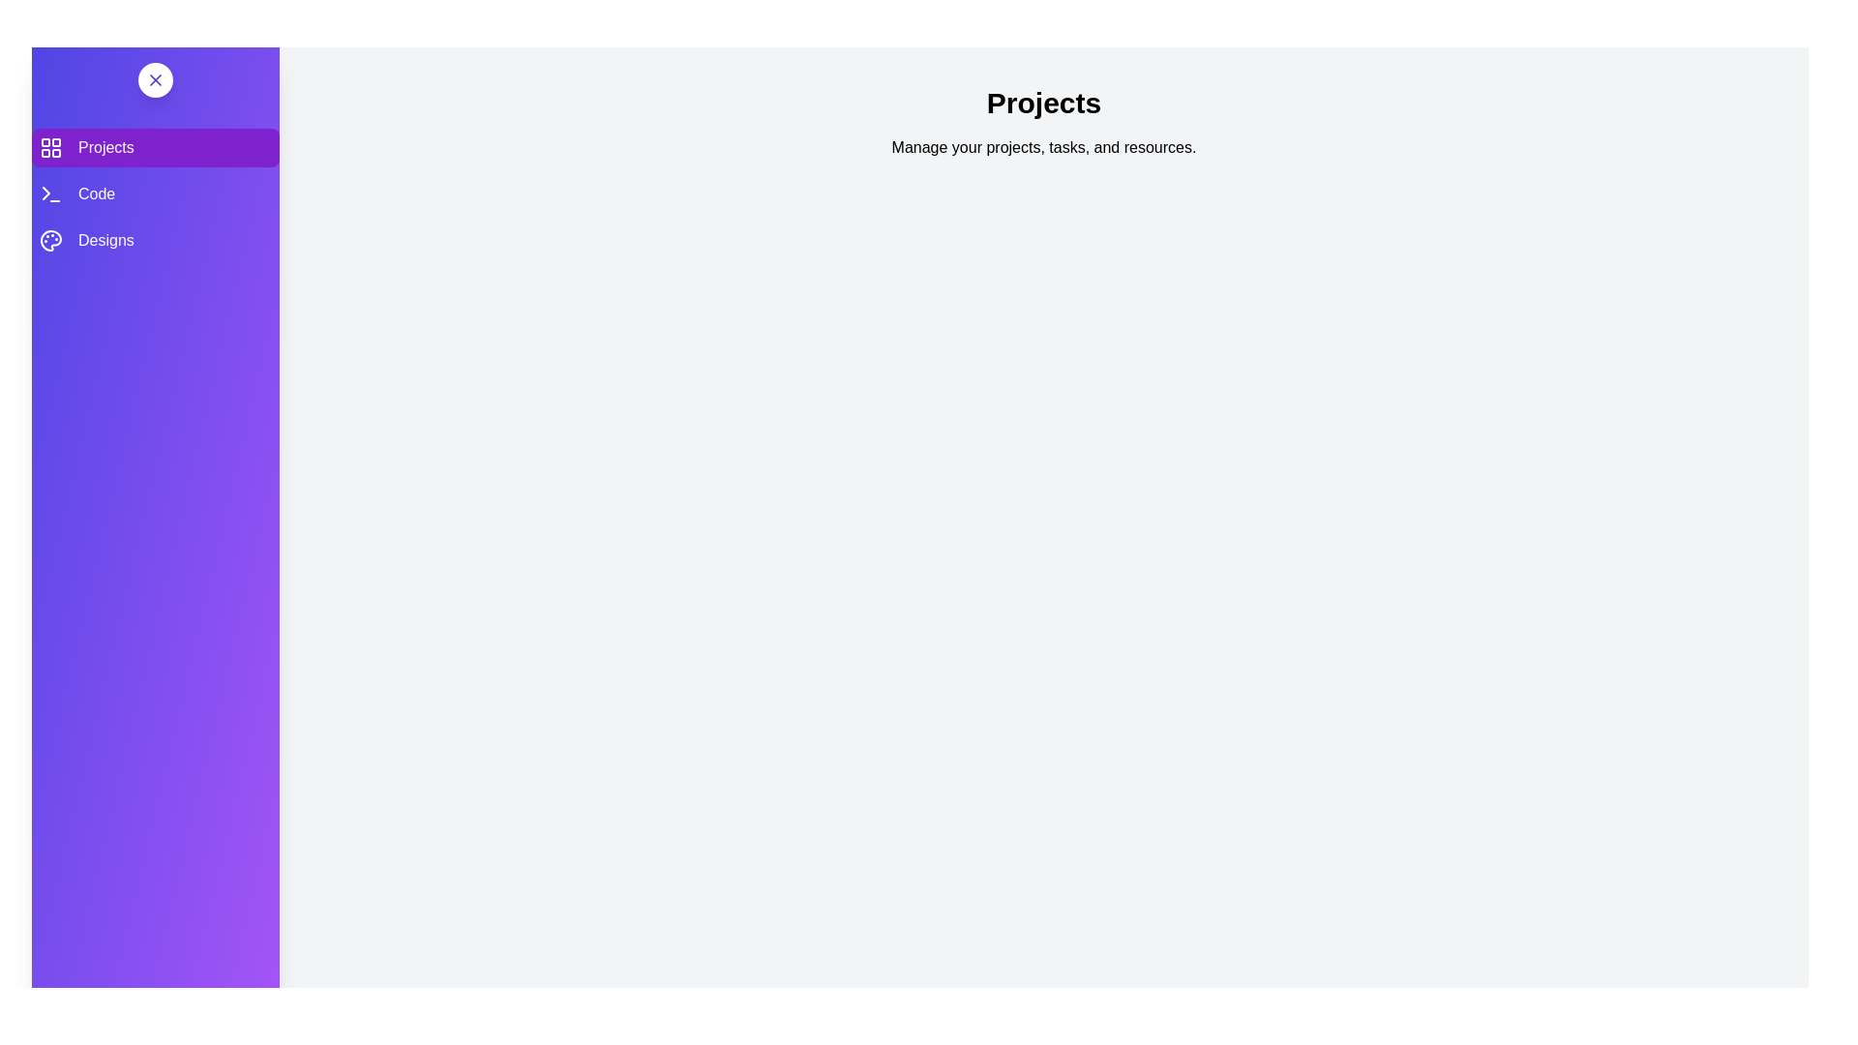  I want to click on the tab labeled Projects to select it, so click(156, 147).